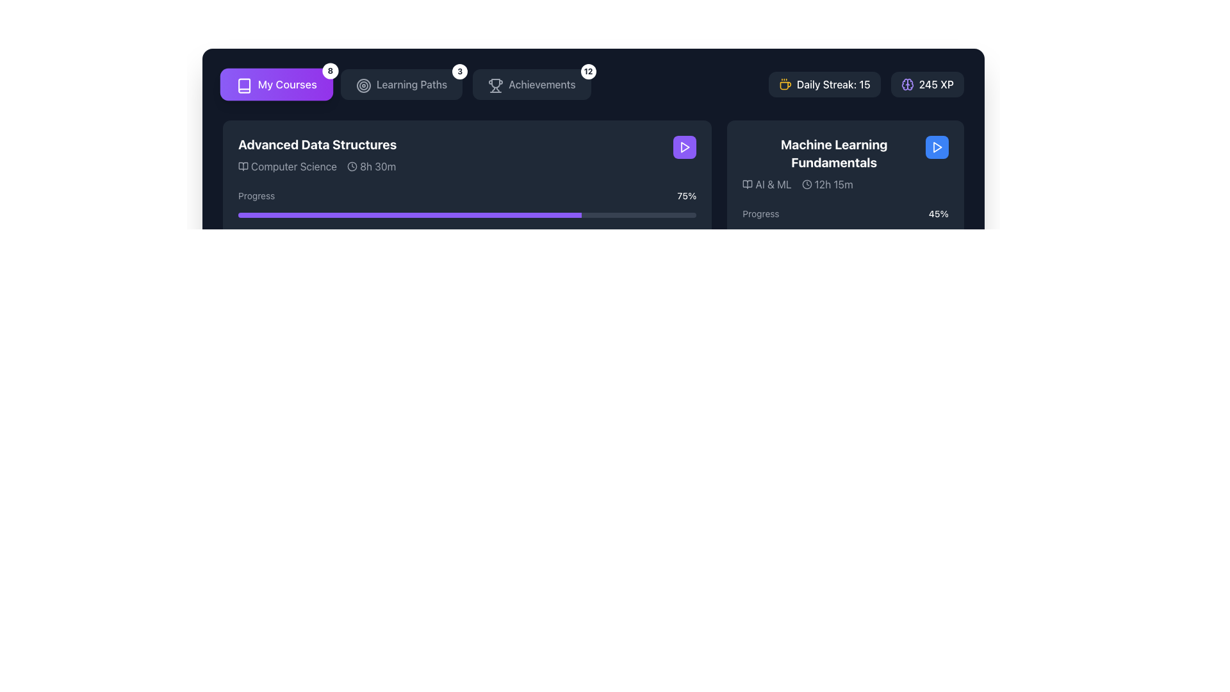 Image resolution: width=1230 pixels, height=692 pixels. What do you see at coordinates (377, 165) in the screenshot?
I see `text displayed in the Text label that shows the duration of the 'Advanced Data Structures' course, located under the 'Advanced Data Structures' section, to the right of the clock icon, aligned with 'Computer Science.'` at bounding box center [377, 165].